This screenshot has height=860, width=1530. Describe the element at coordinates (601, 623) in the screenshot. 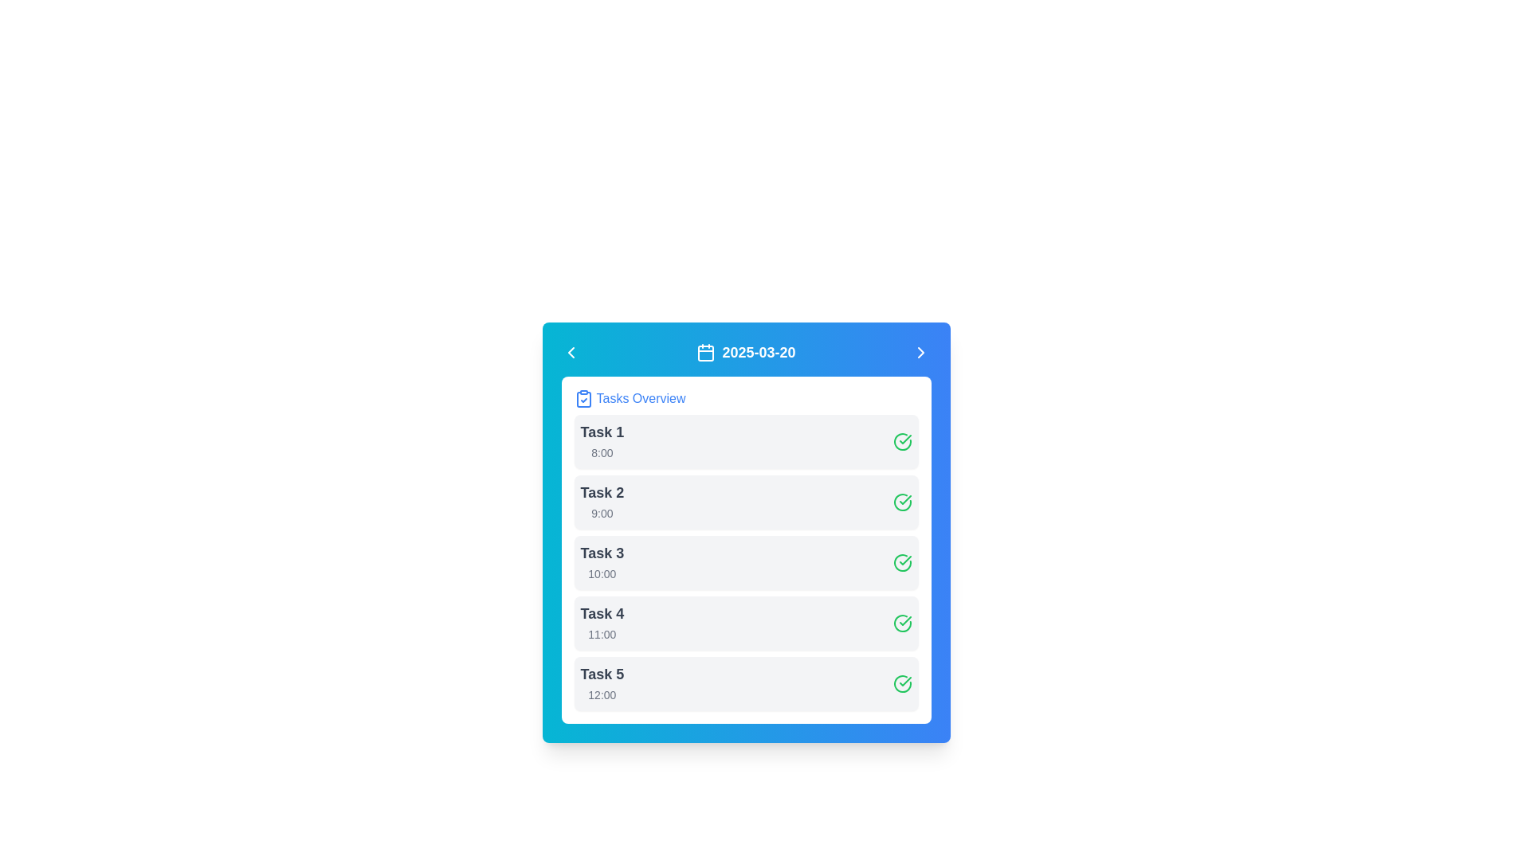

I see `the 'Task 4' text display` at that location.